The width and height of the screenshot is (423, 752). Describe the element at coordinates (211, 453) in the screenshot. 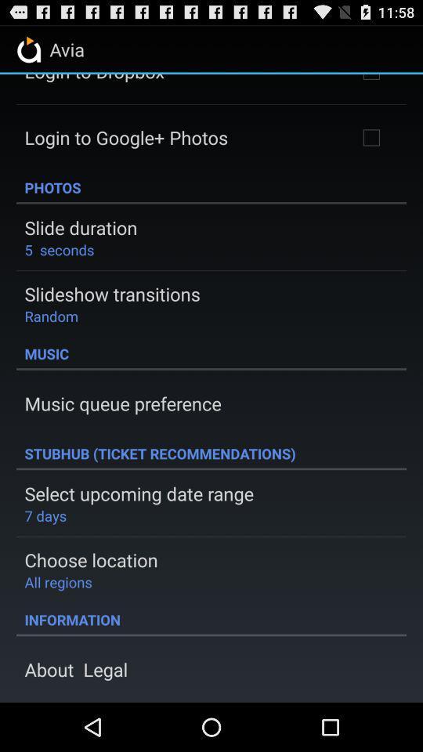

I see `the stubhub (ticket recommendations) item` at that location.